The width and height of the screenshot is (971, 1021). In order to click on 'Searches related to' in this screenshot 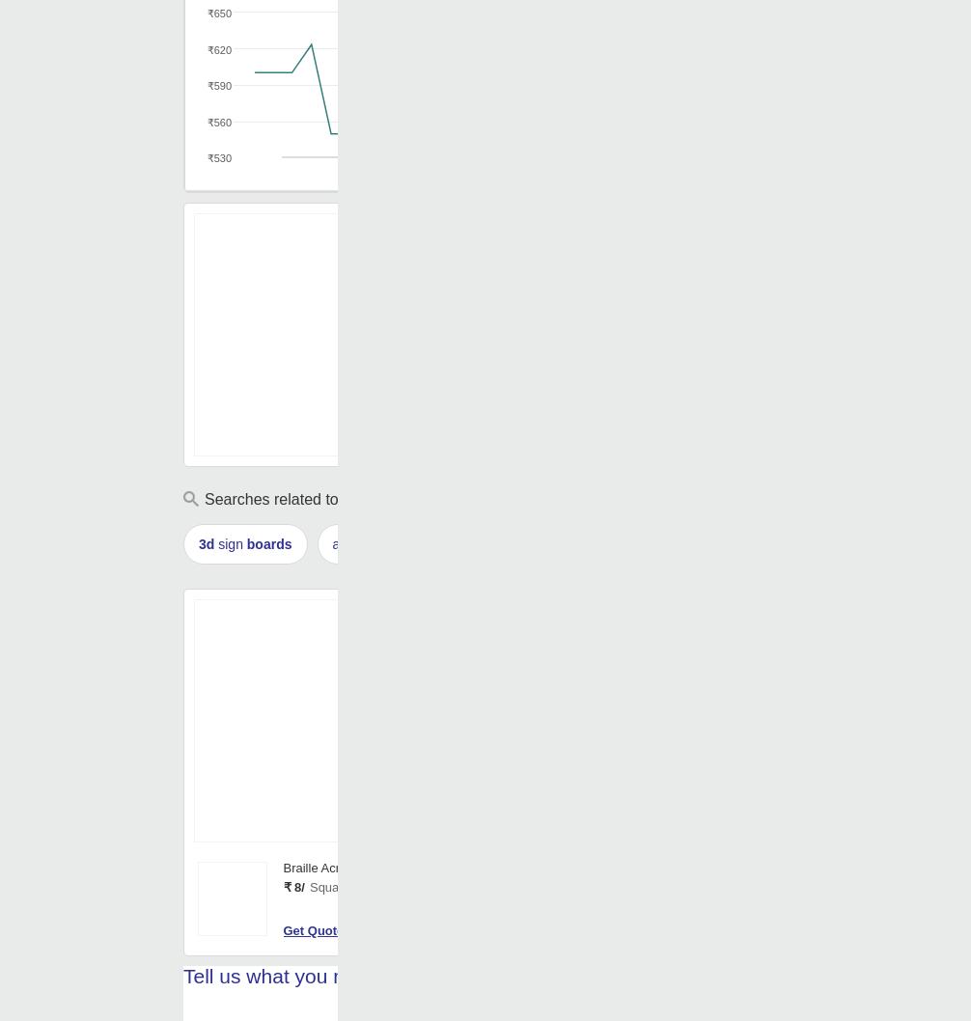, I will do `click(272, 498)`.